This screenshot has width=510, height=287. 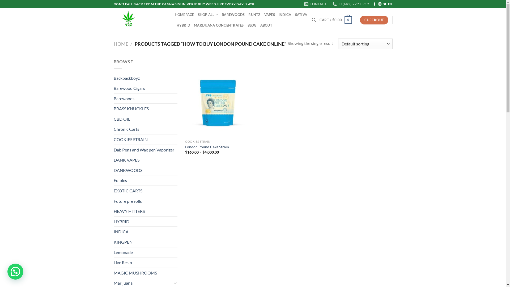 What do you see at coordinates (145, 190) in the screenshot?
I see `'EXOTIC CARTS'` at bounding box center [145, 190].